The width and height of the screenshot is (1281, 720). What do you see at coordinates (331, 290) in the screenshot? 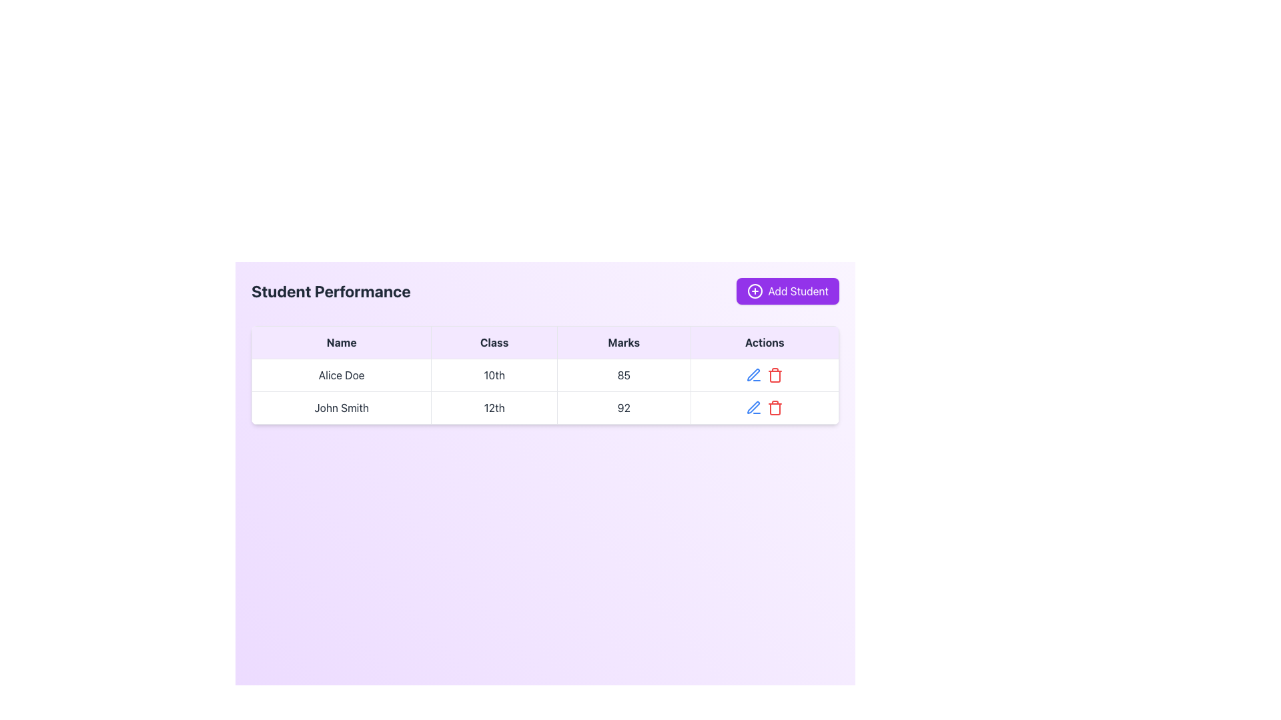
I see `the bold heading text label displaying 'Student Performance'` at bounding box center [331, 290].